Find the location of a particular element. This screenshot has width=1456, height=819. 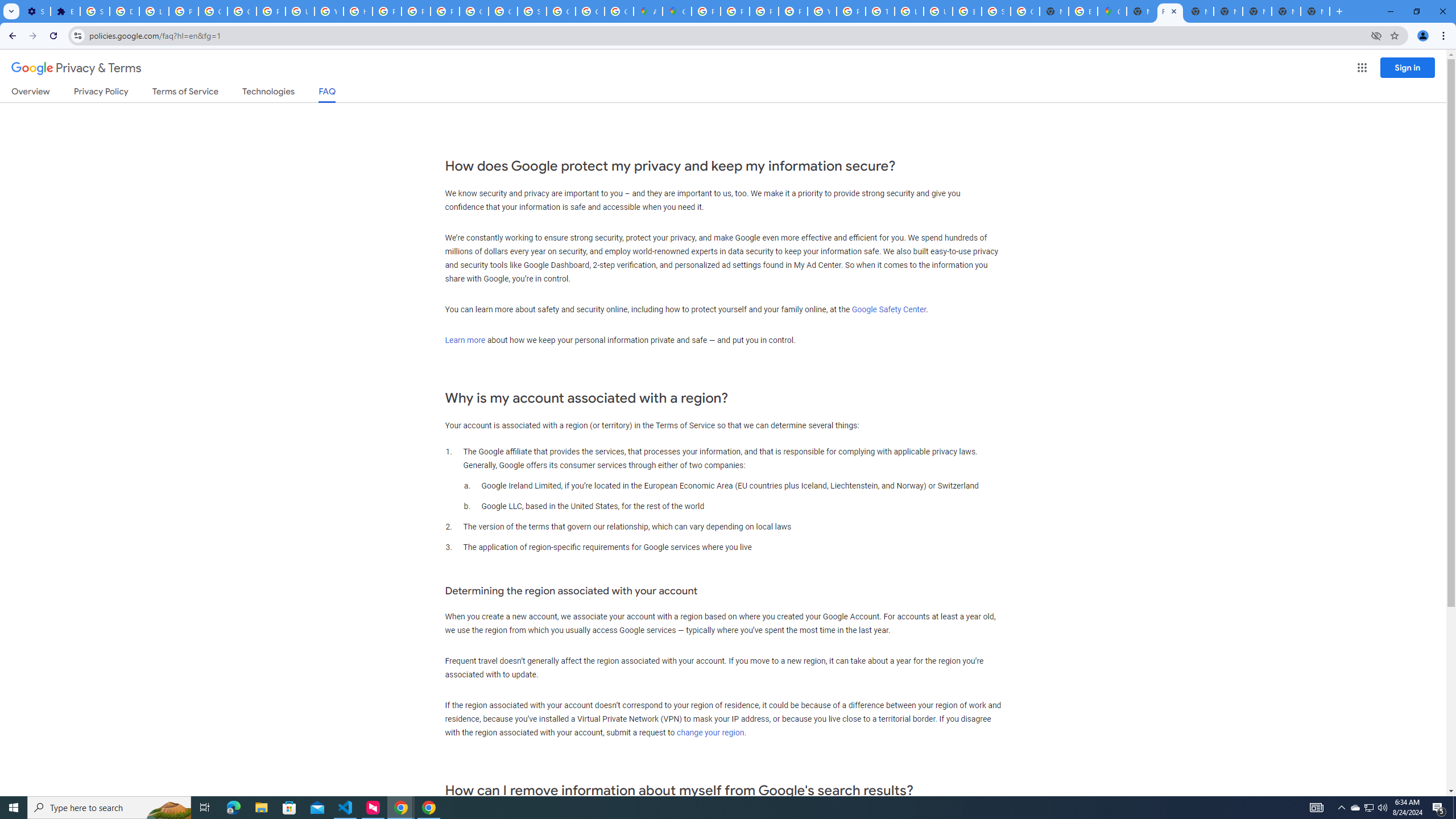

'Sign in - Google Accounts' is located at coordinates (95, 11).